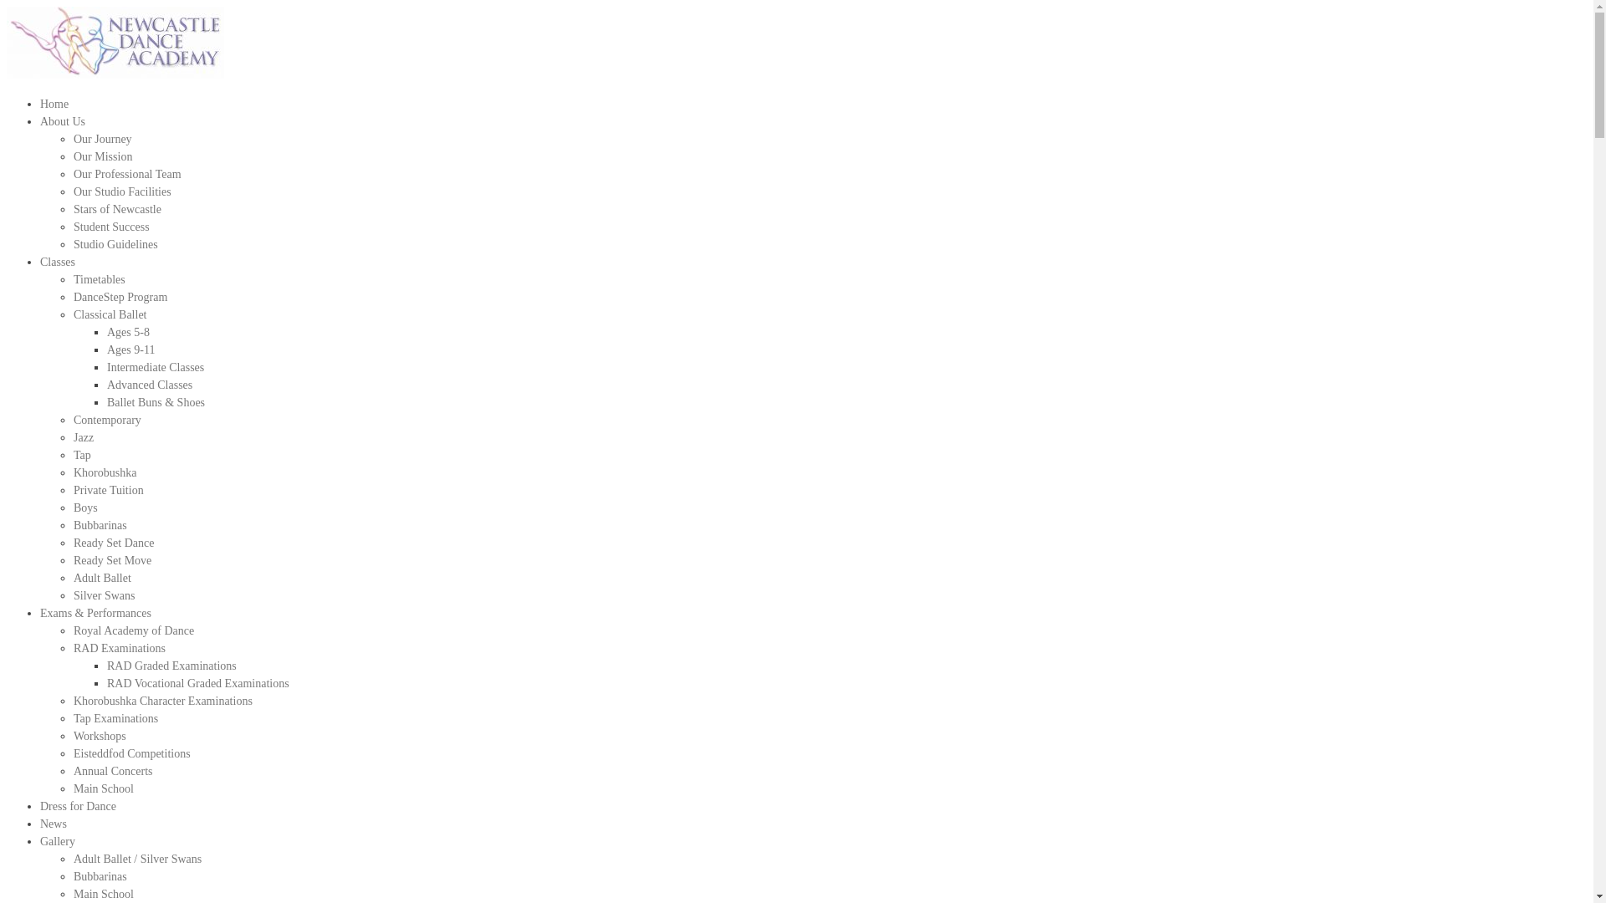 Image resolution: width=1606 pixels, height=903 pixels. What do you see at coordinates (99, 278) in the screenshot?
I see `'Timetables'` at bounding box center [99, 278].